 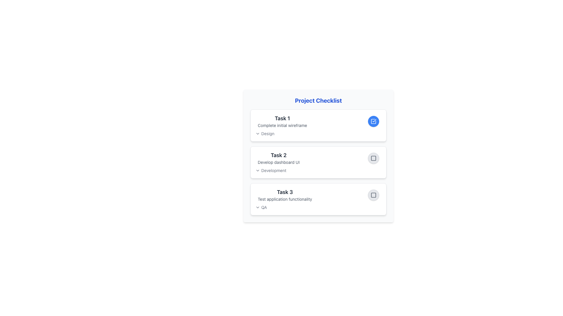 I want to click on the list item with checkbox for 'Task 3', so click(x=318, y=195).